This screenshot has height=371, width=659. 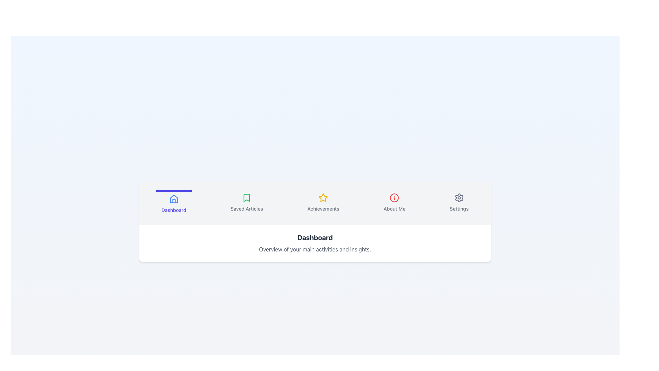 What do you see at coordinates (323, 203) in the screenshot?
I see `the 'Achievements' Navigation Button, which features a hollow yellow star icon above gray text` at bounding box center [323, 203].